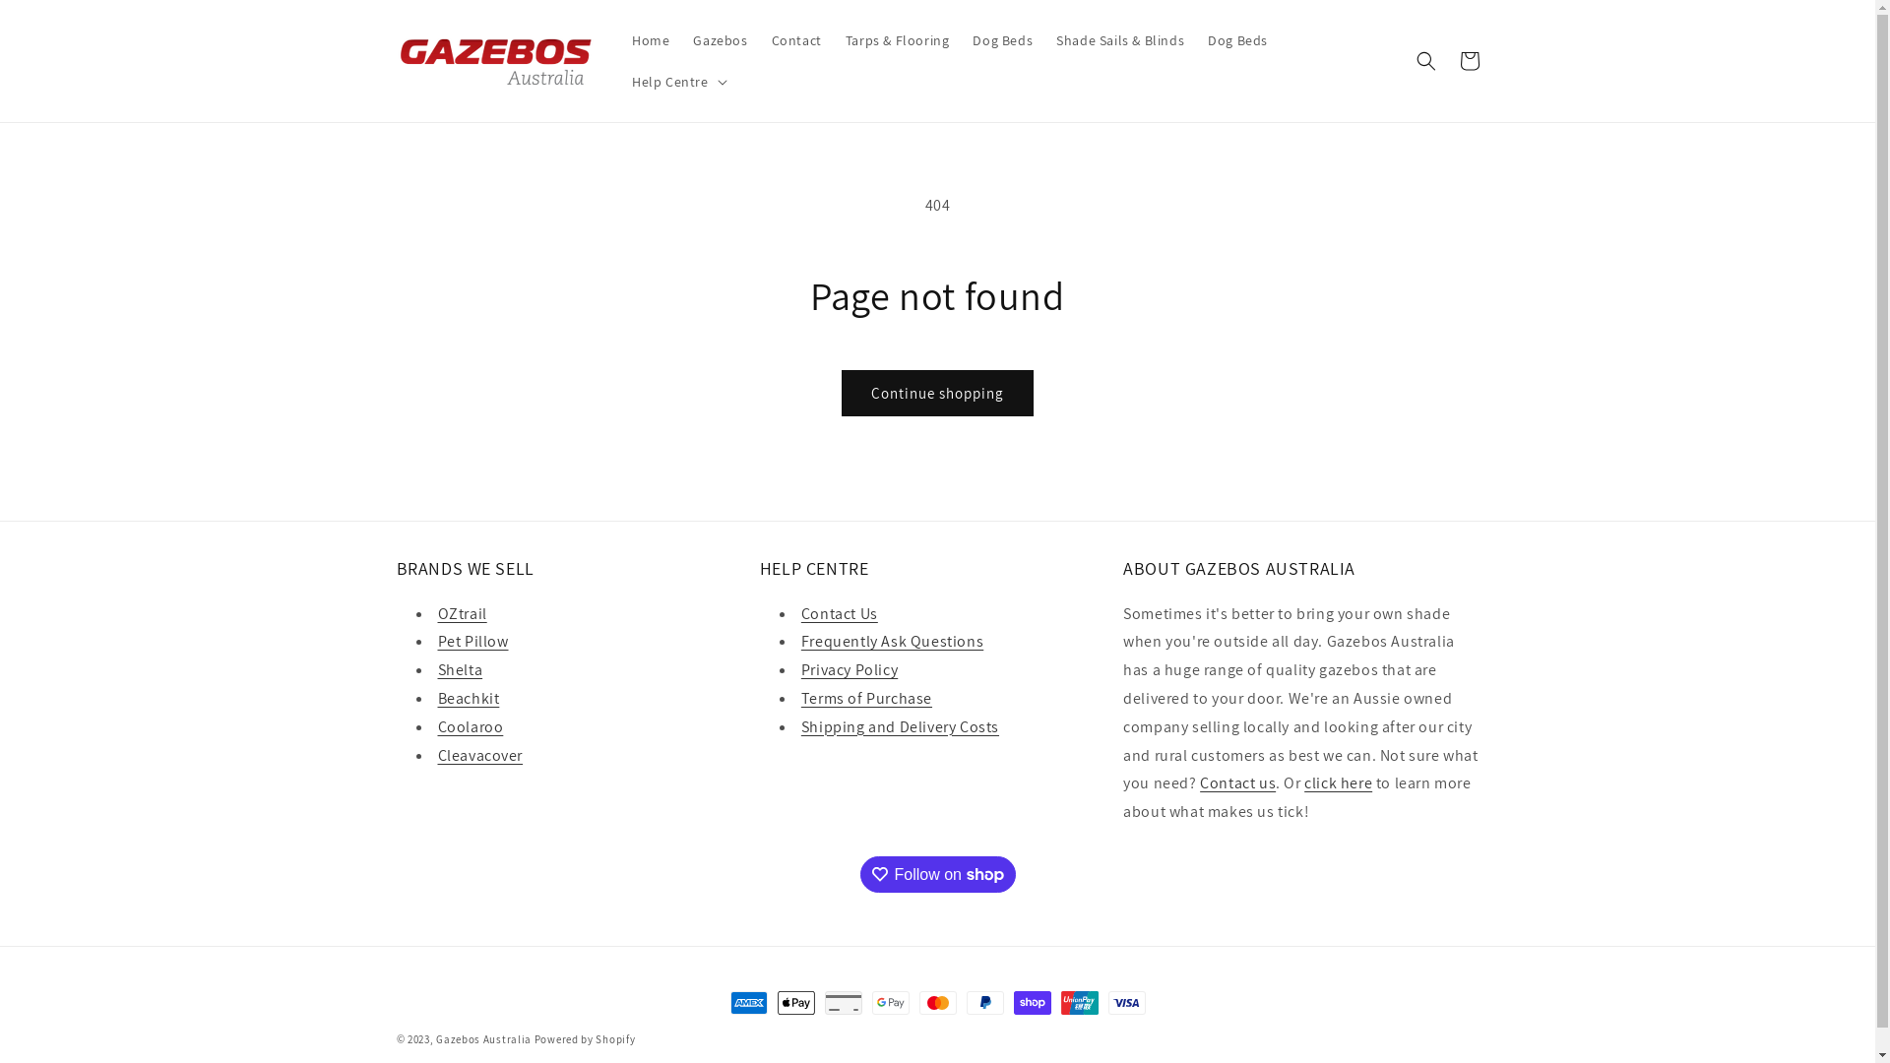 This screenshot has width=1890, height=1063. Describe the element at coordinates (467, 697) in the screenshot. I see `'Beachkit'` at that location.